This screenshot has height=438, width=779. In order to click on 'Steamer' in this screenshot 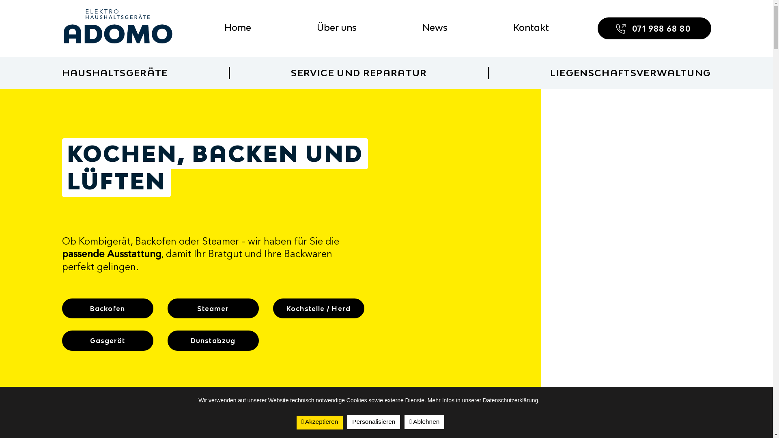, I will do `click(213, 308)`.